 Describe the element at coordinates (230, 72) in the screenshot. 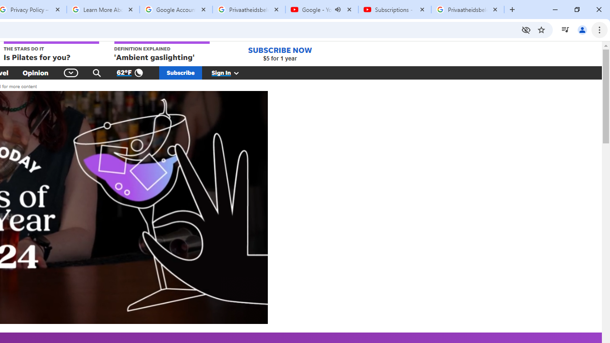

I see `'Sign In'` at that location.